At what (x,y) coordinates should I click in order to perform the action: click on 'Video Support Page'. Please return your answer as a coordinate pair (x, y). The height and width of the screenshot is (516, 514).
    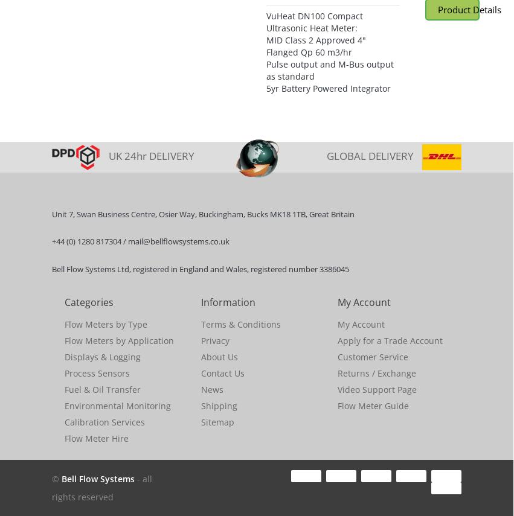
    Looking at the image, I should click on (376, 389).